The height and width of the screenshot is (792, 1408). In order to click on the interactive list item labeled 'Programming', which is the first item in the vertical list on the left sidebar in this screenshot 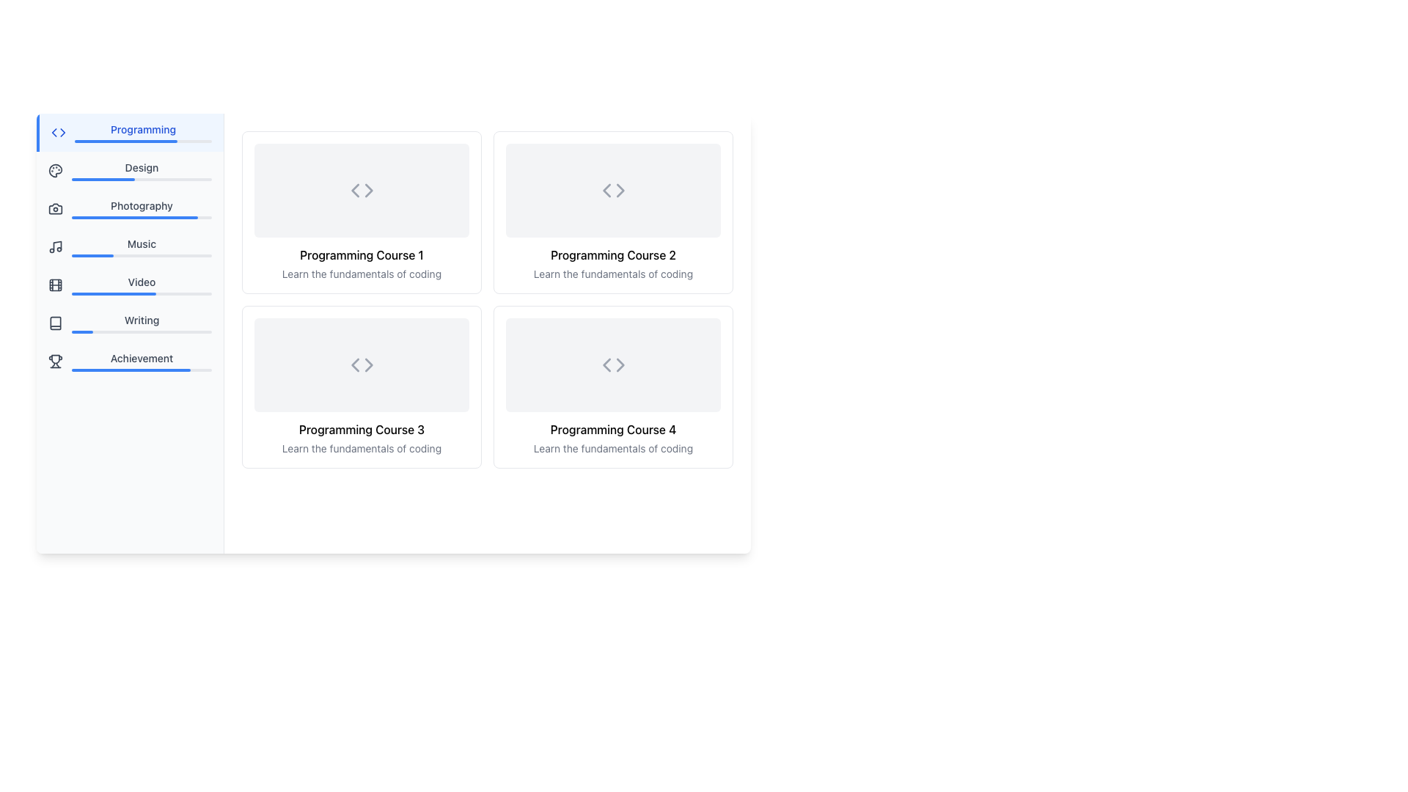, I will do `click(130, 133)`.